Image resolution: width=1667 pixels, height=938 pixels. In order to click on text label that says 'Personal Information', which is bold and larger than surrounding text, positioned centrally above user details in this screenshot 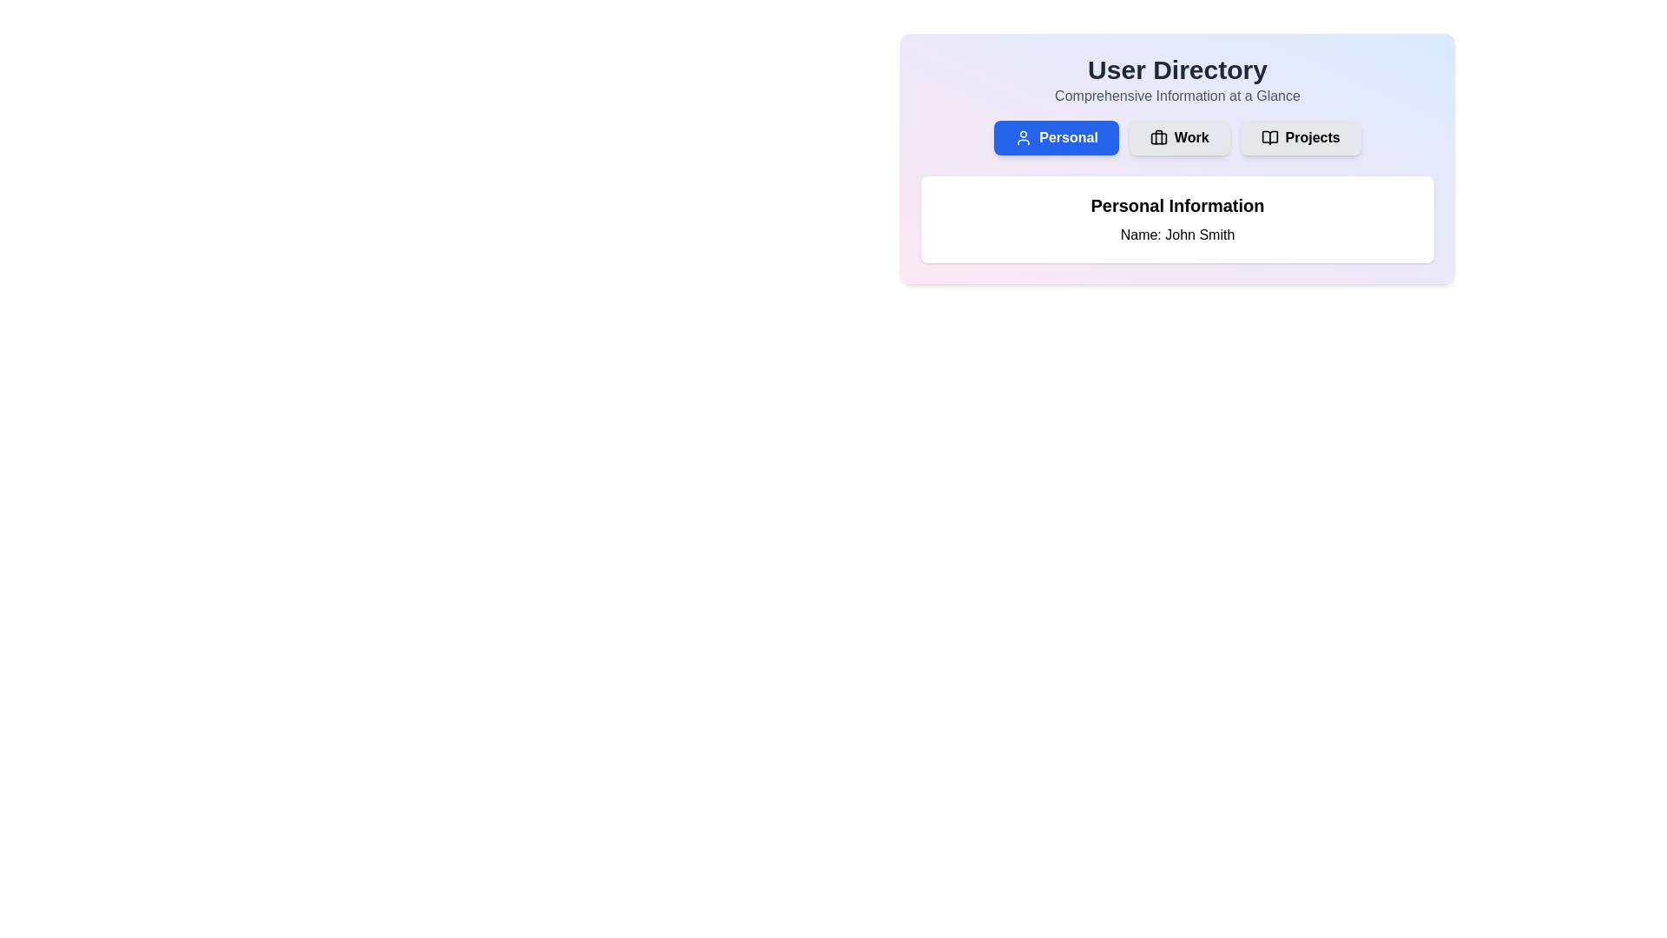, I will do `click(1177, 204)`.